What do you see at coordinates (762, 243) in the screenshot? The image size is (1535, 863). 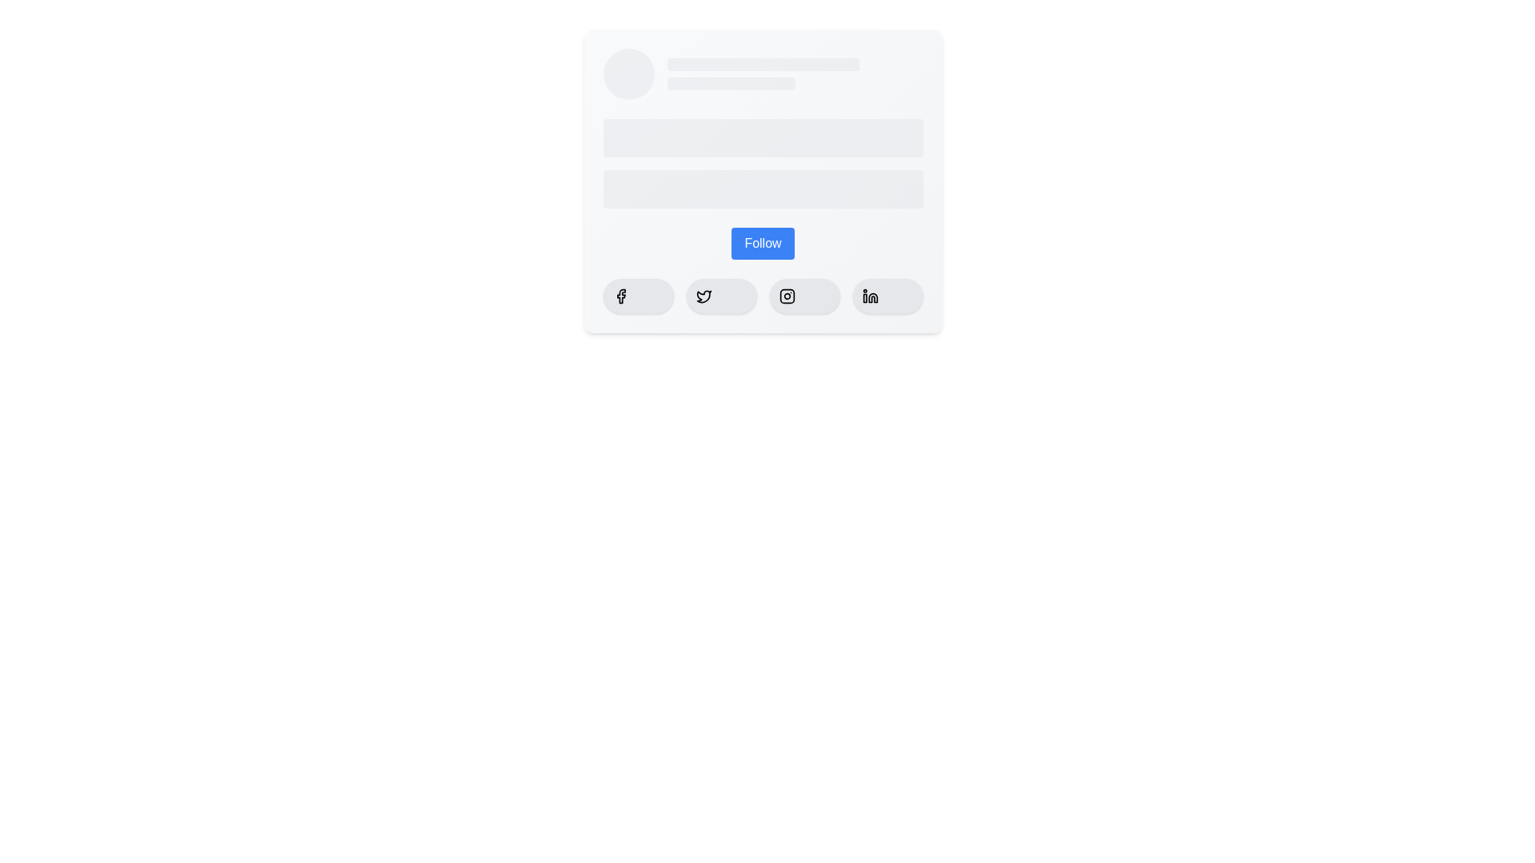 I see `the medium-sized blue button labeled 'Follow' located above four circular icon buttons to follow the associated content` at bounding box center [762, 243].